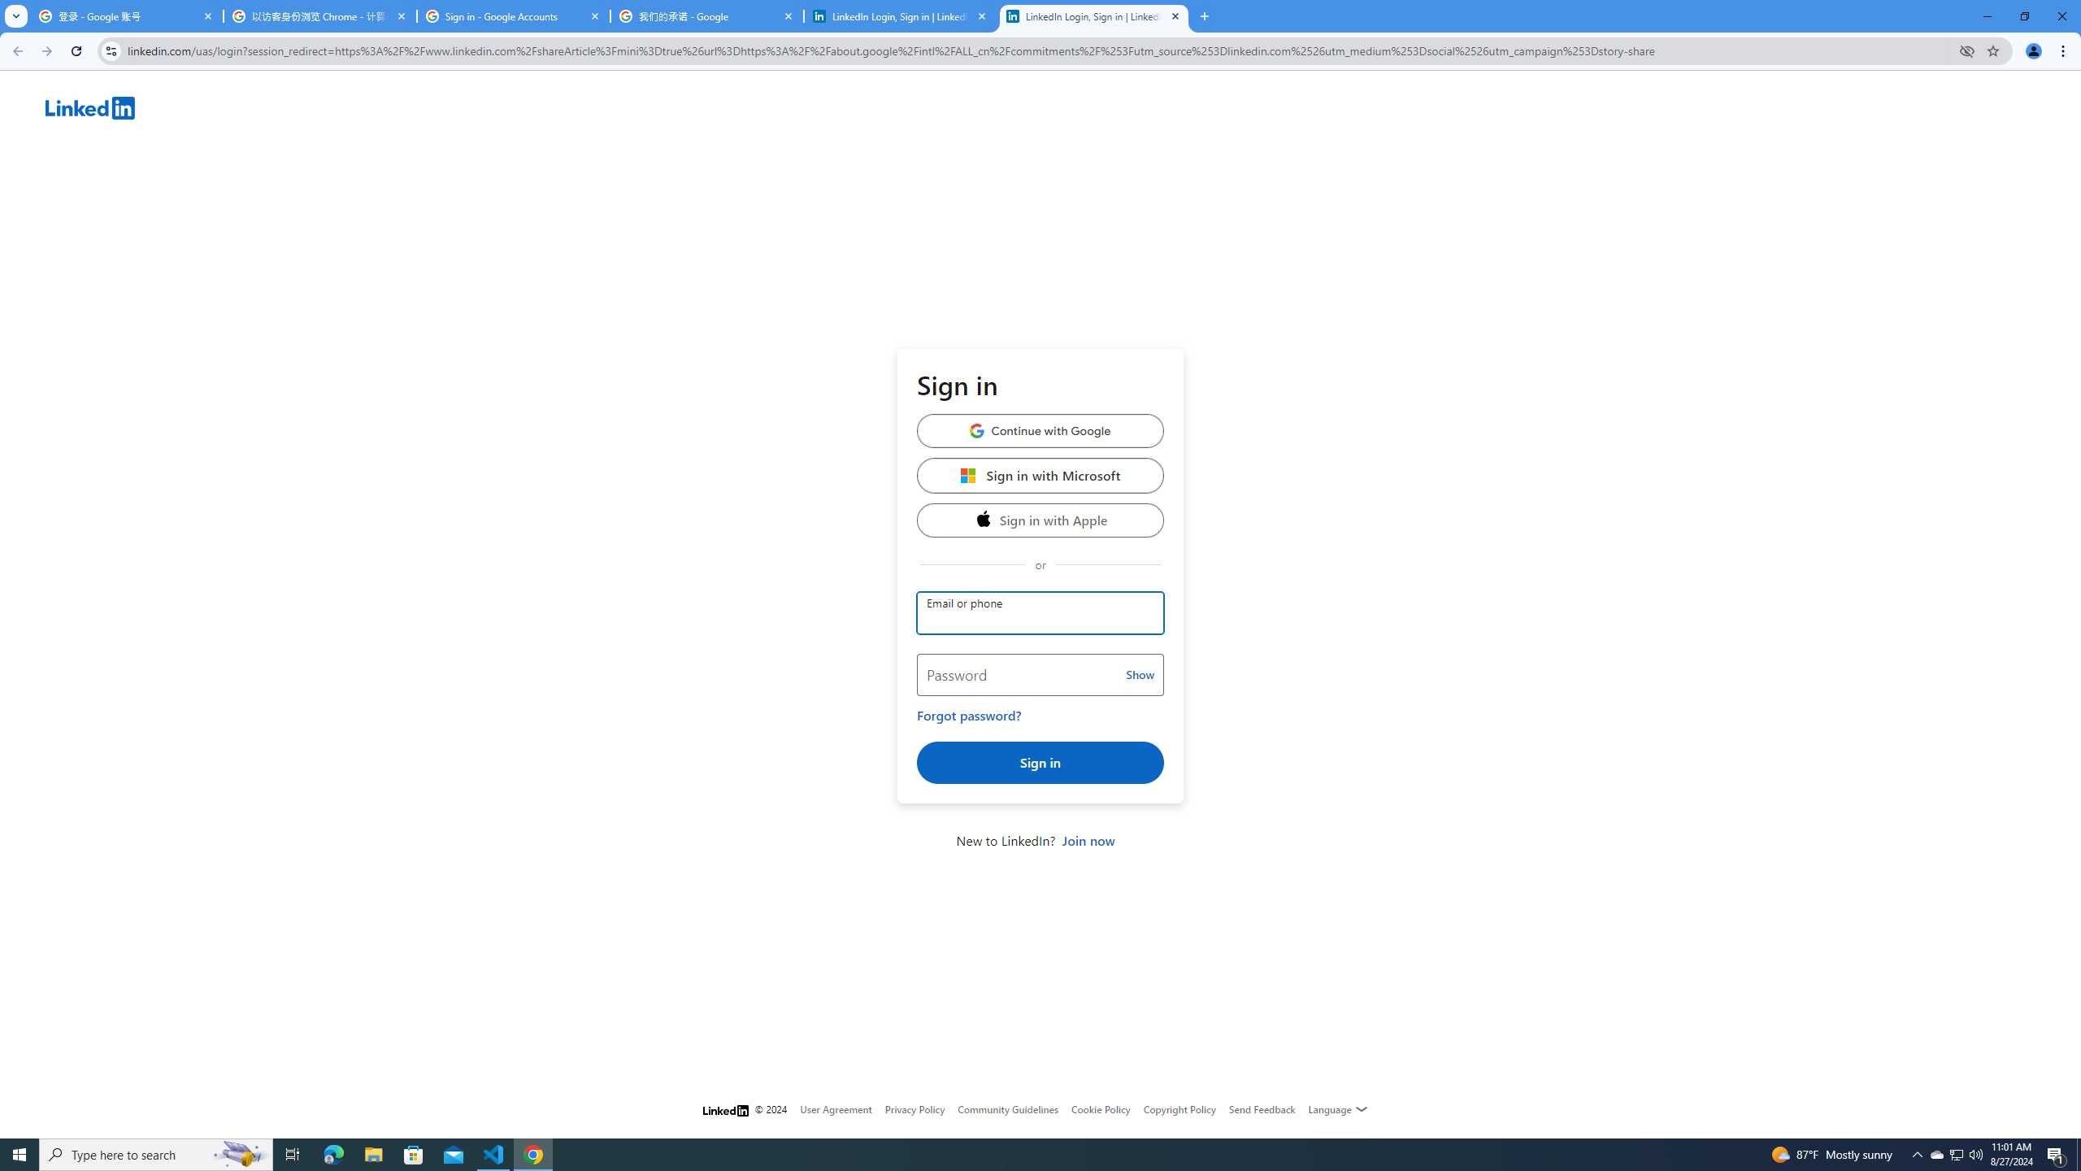 This screenshot has height=1171, width=2081. Describe the element at coordinates (1100, 1108) in the screenshot. I see `'Cookie Policy'` at that location.